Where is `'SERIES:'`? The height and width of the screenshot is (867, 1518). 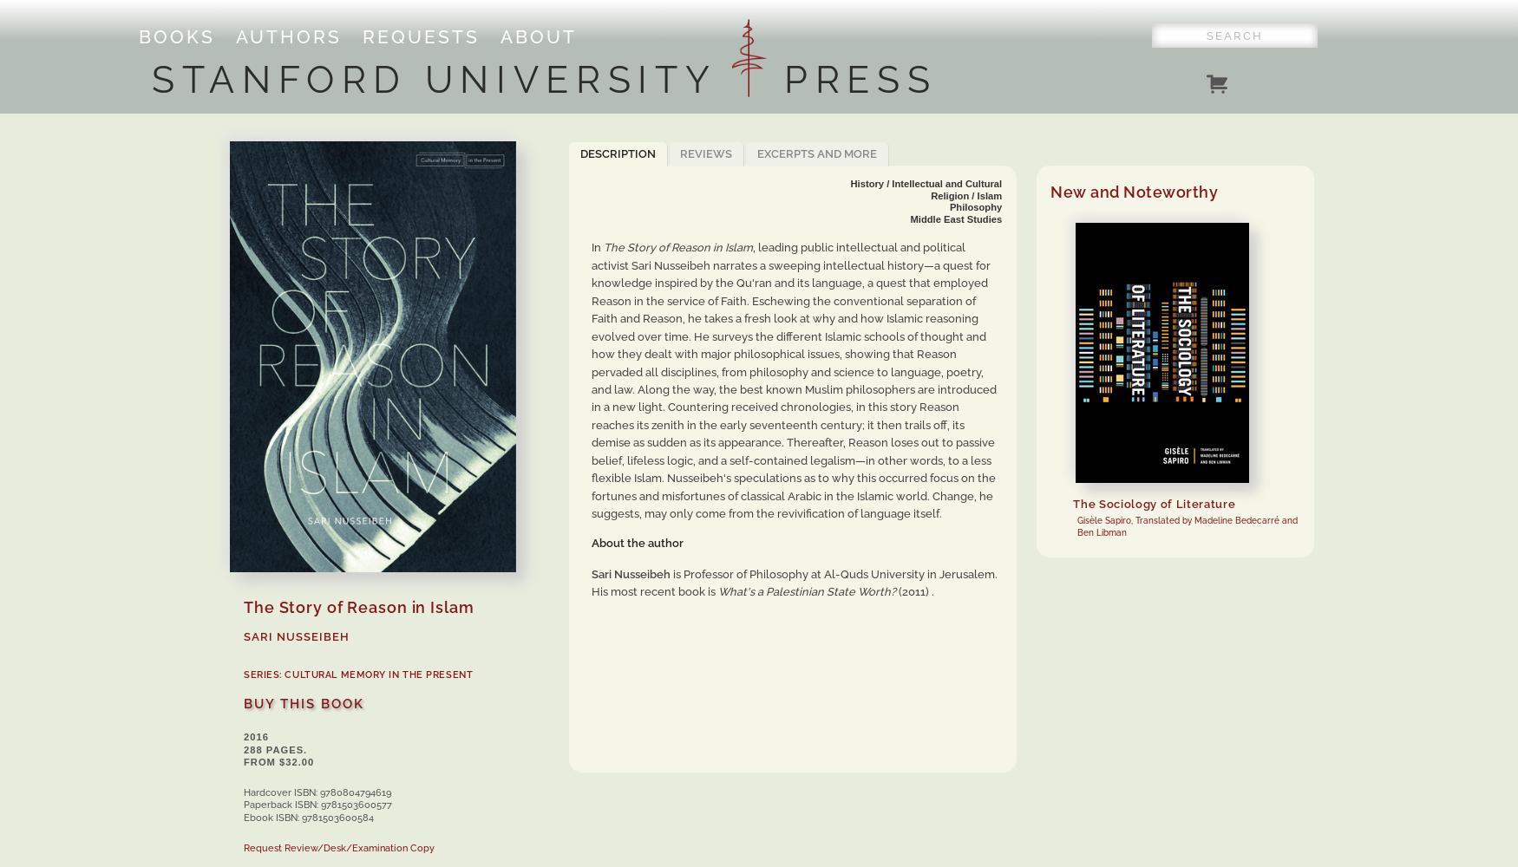 'SERIES:' is located at coordinates (263, 674).